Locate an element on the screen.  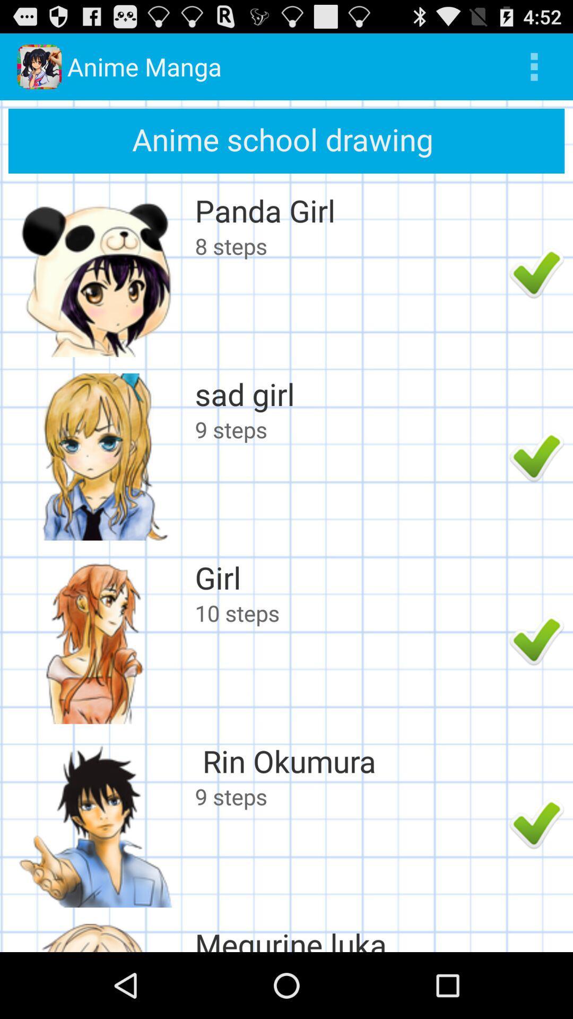
sad girl is located at coordinates (349, 393).